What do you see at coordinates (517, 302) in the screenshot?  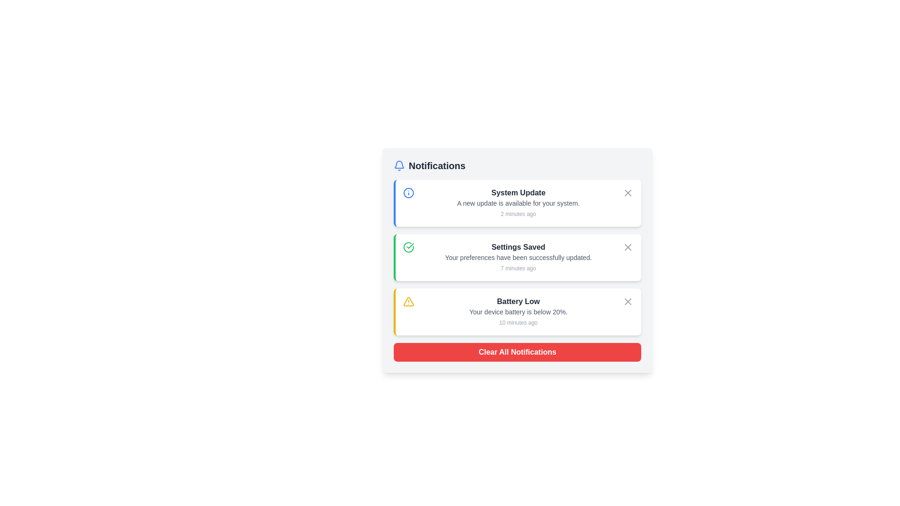 I see `text label that serves as the title for the third notification item, which summarizes the message content and is located above the description text 'Your device battery is below 20%'` at bounding box center [517, 302].